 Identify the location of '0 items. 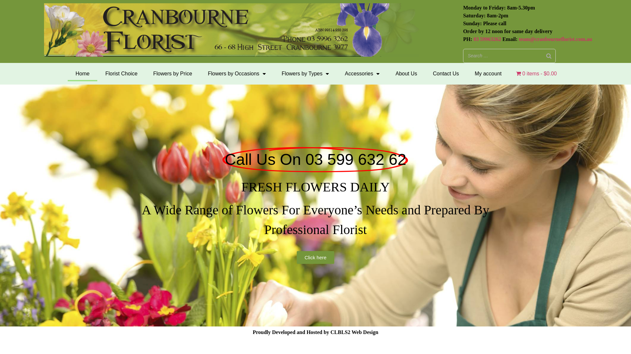
(536, 73).